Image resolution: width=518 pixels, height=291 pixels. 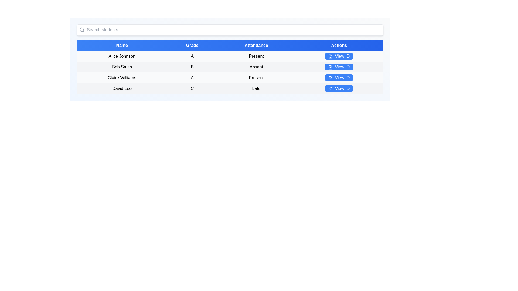 I want to click on the grade or rating text assigned to 'David Lee' in the third column of the table, so click(x=192, y=88).